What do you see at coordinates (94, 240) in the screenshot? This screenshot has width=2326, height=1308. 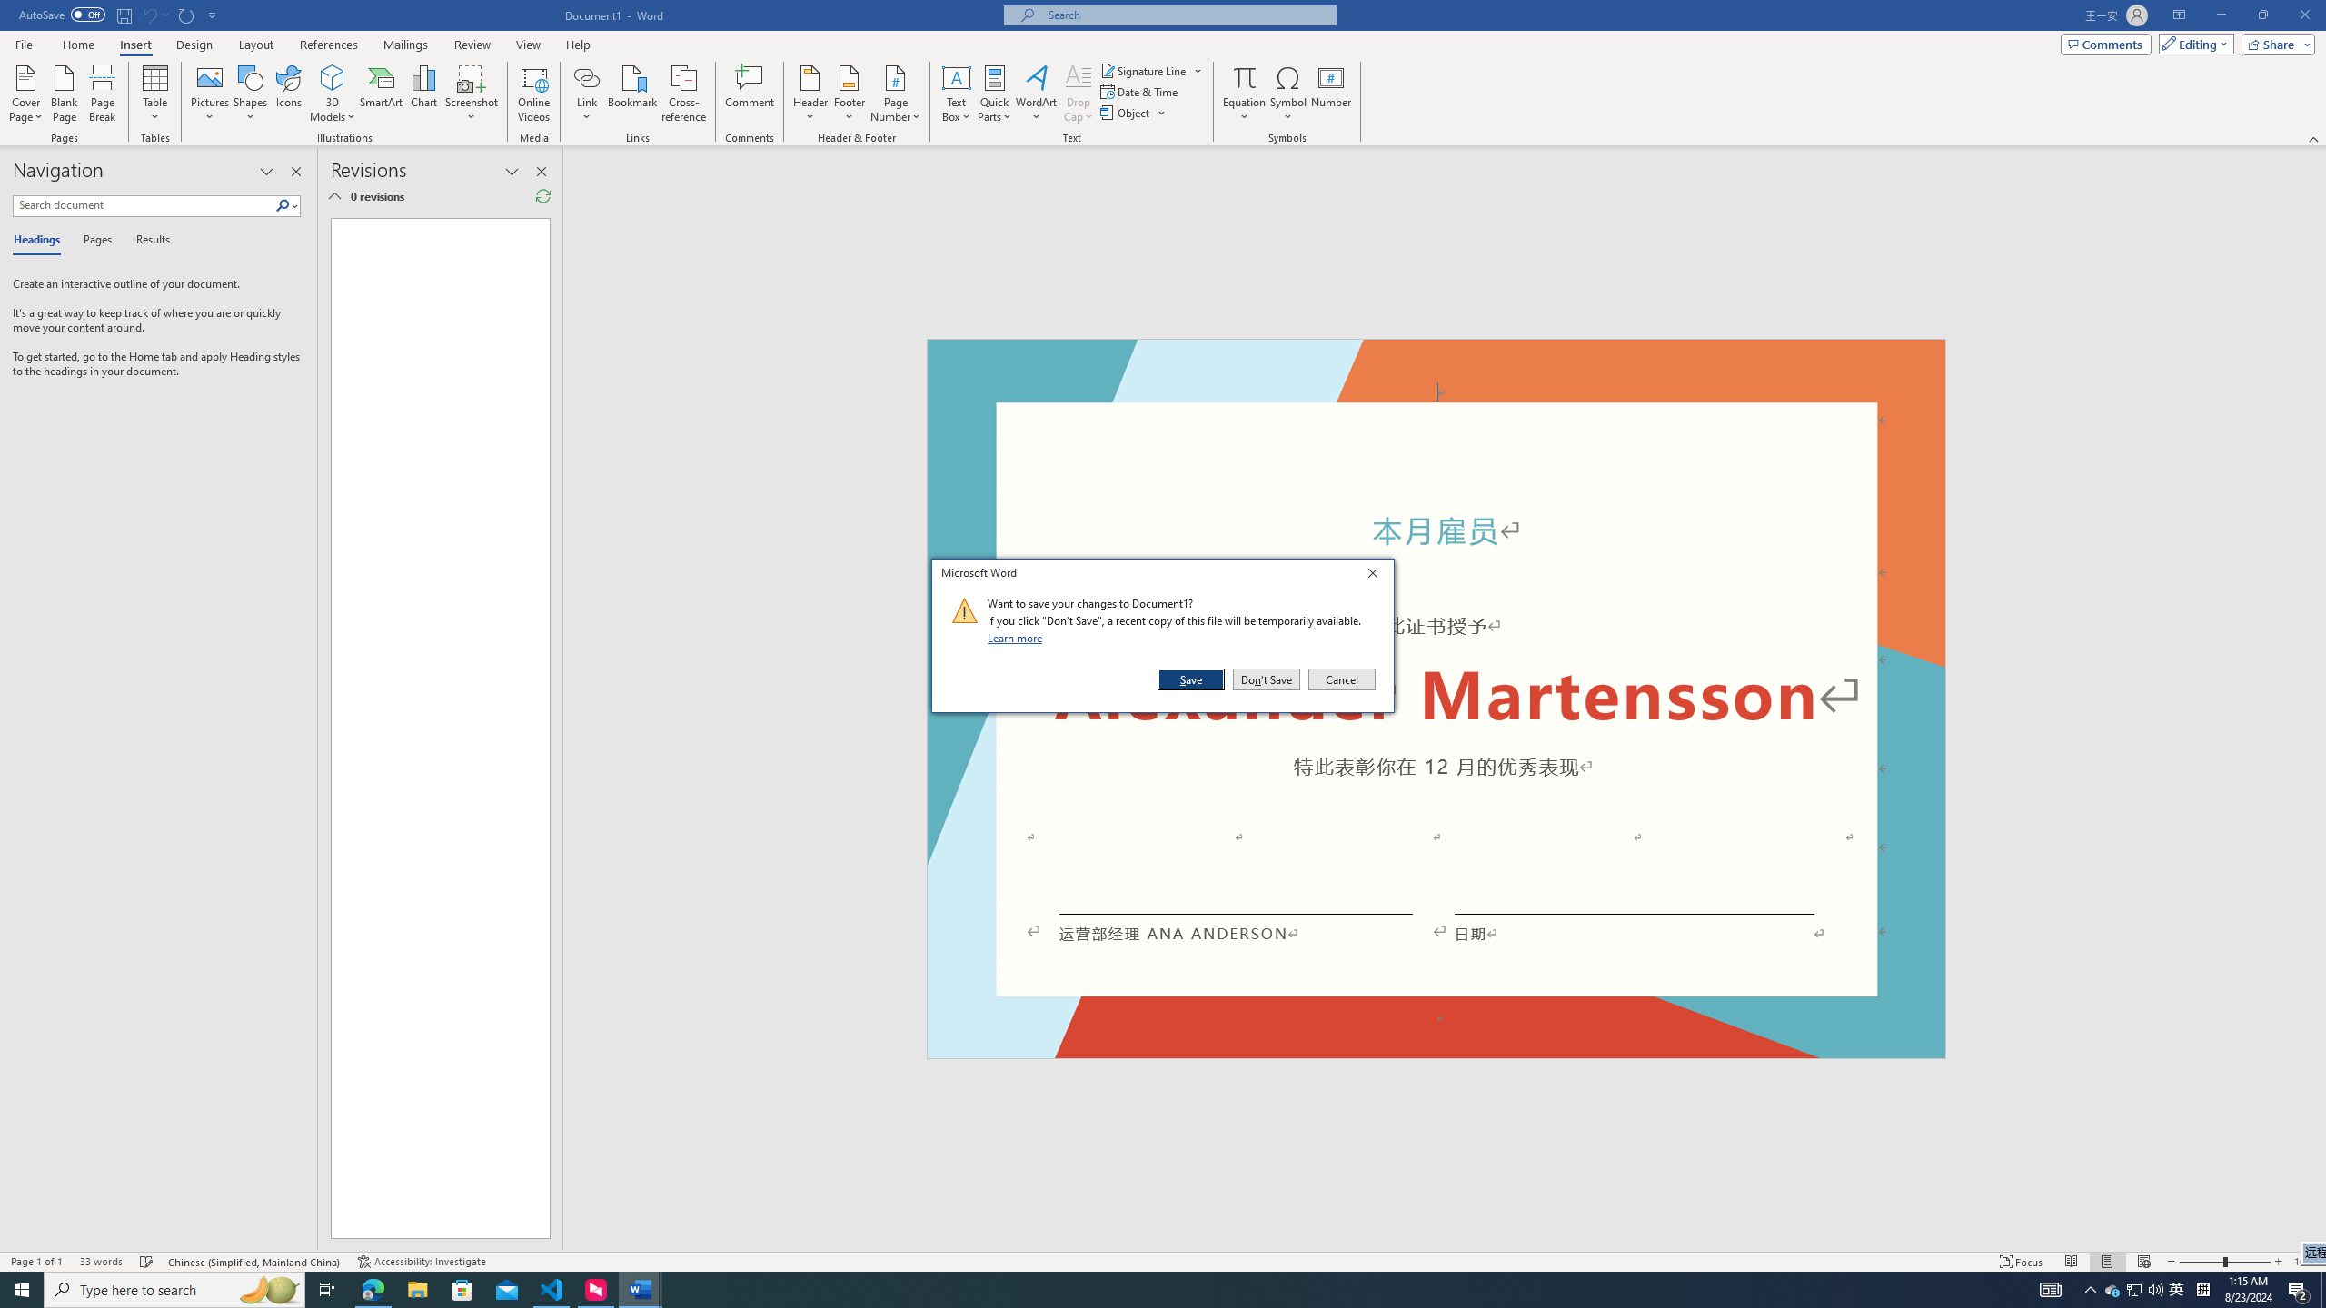 I see `'Pages'` at bounding box center [94, 240].